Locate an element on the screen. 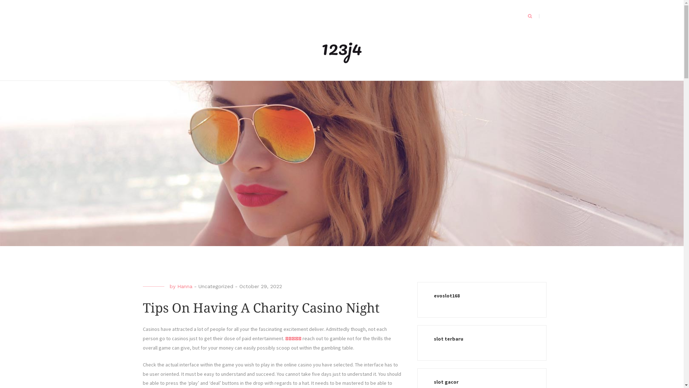 The image size is (689, 388). 'Uncategorized' is located at coordinates (215, 286).